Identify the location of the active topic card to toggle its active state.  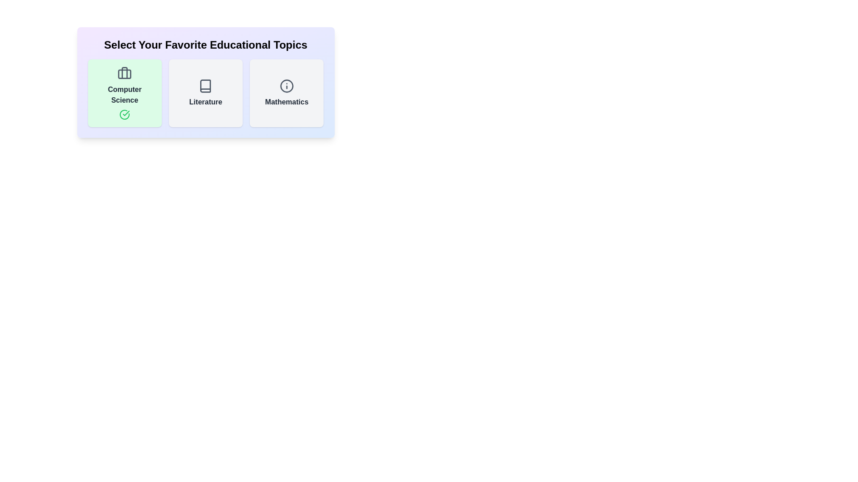
(124, 93).